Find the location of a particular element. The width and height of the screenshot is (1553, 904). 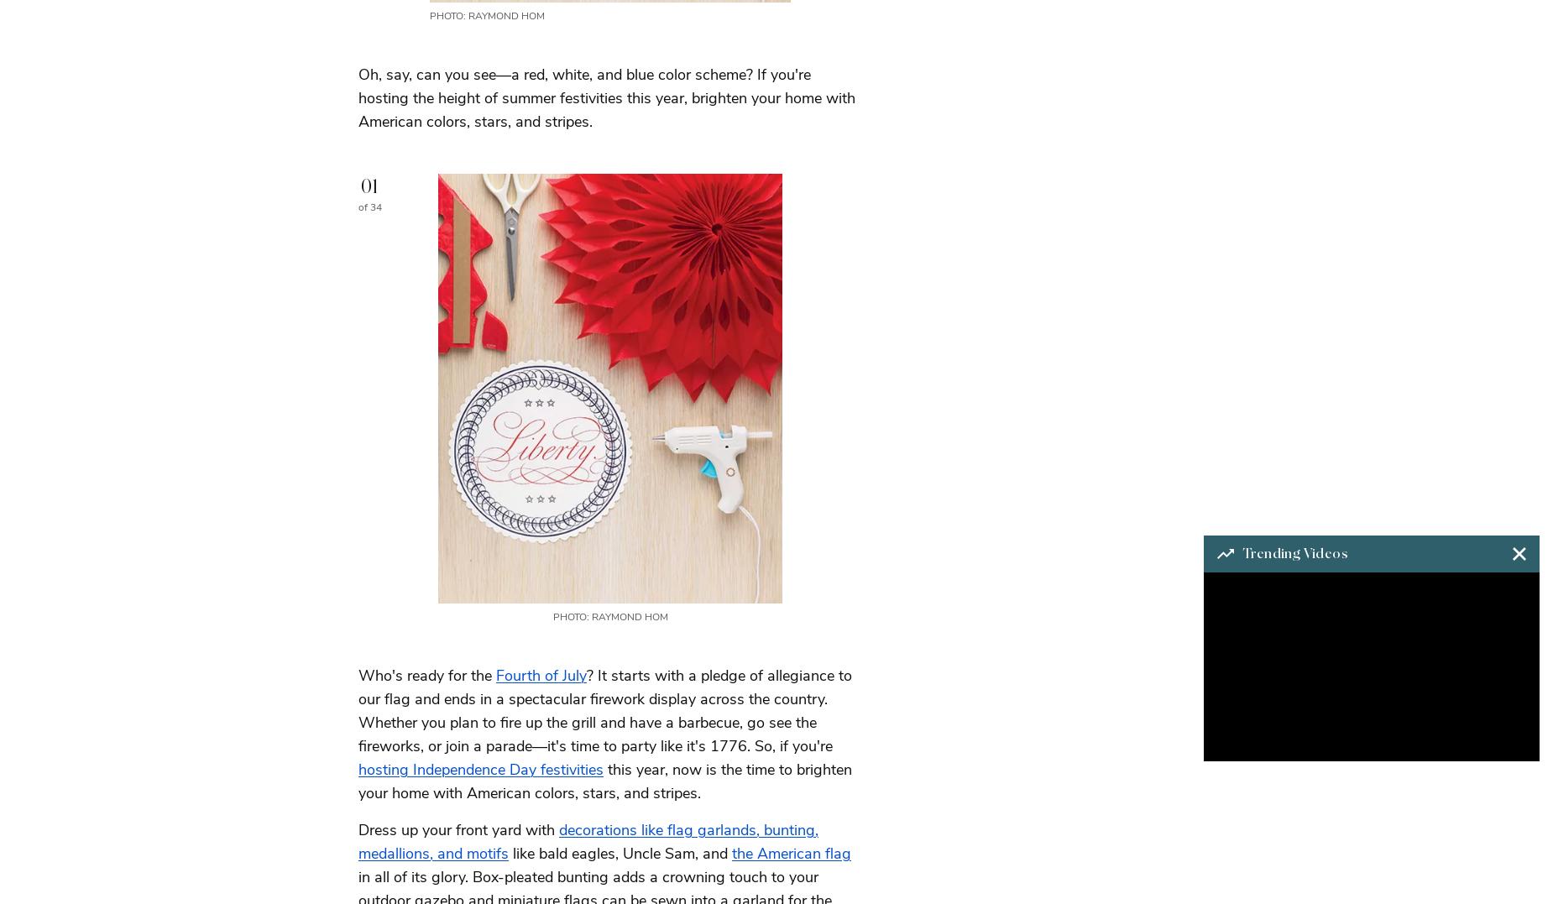

'Raymond Hom' is located at coordinates (629, 615).